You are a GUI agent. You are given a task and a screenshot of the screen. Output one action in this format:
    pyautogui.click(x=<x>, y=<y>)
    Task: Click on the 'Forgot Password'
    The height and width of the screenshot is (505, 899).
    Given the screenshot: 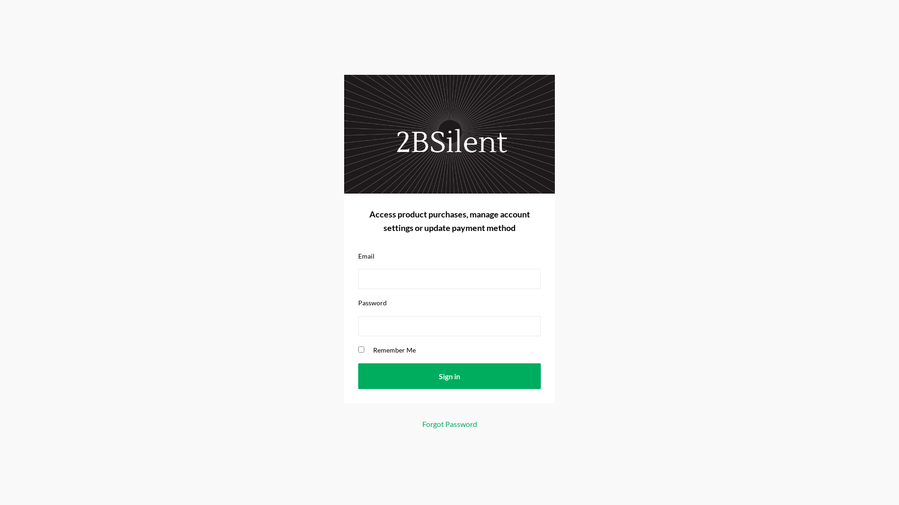 What is the action you would take?
    pyautogui.click(x=449, y=424)
    